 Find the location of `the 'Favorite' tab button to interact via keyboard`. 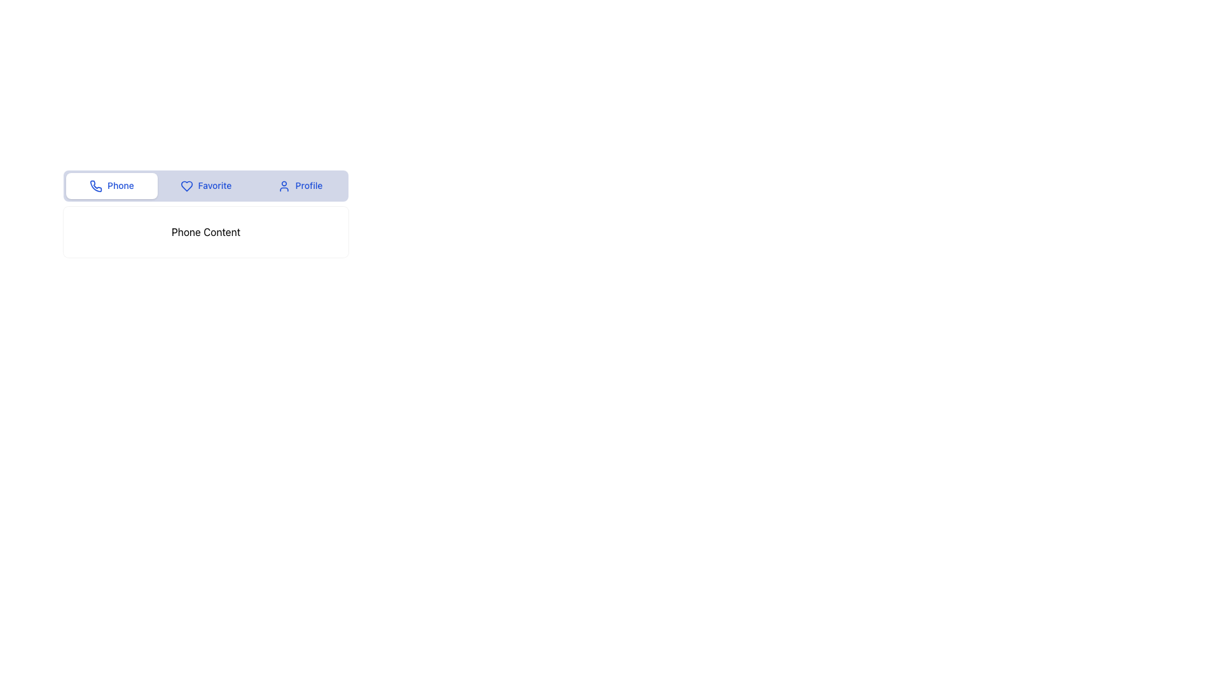

the 'Favorite' tab button to interact via keyboard is located at coordinates (206, 186).